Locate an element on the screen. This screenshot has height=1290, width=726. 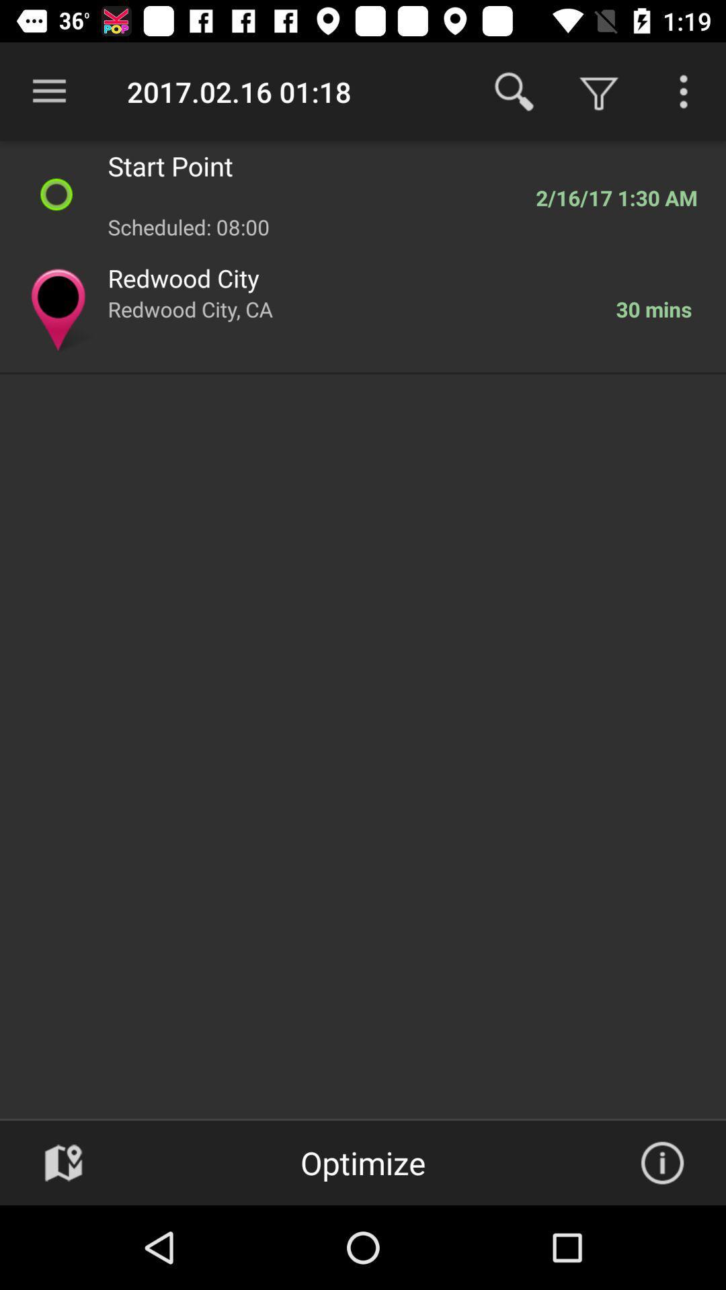
option is located at coordinates (684, 91).